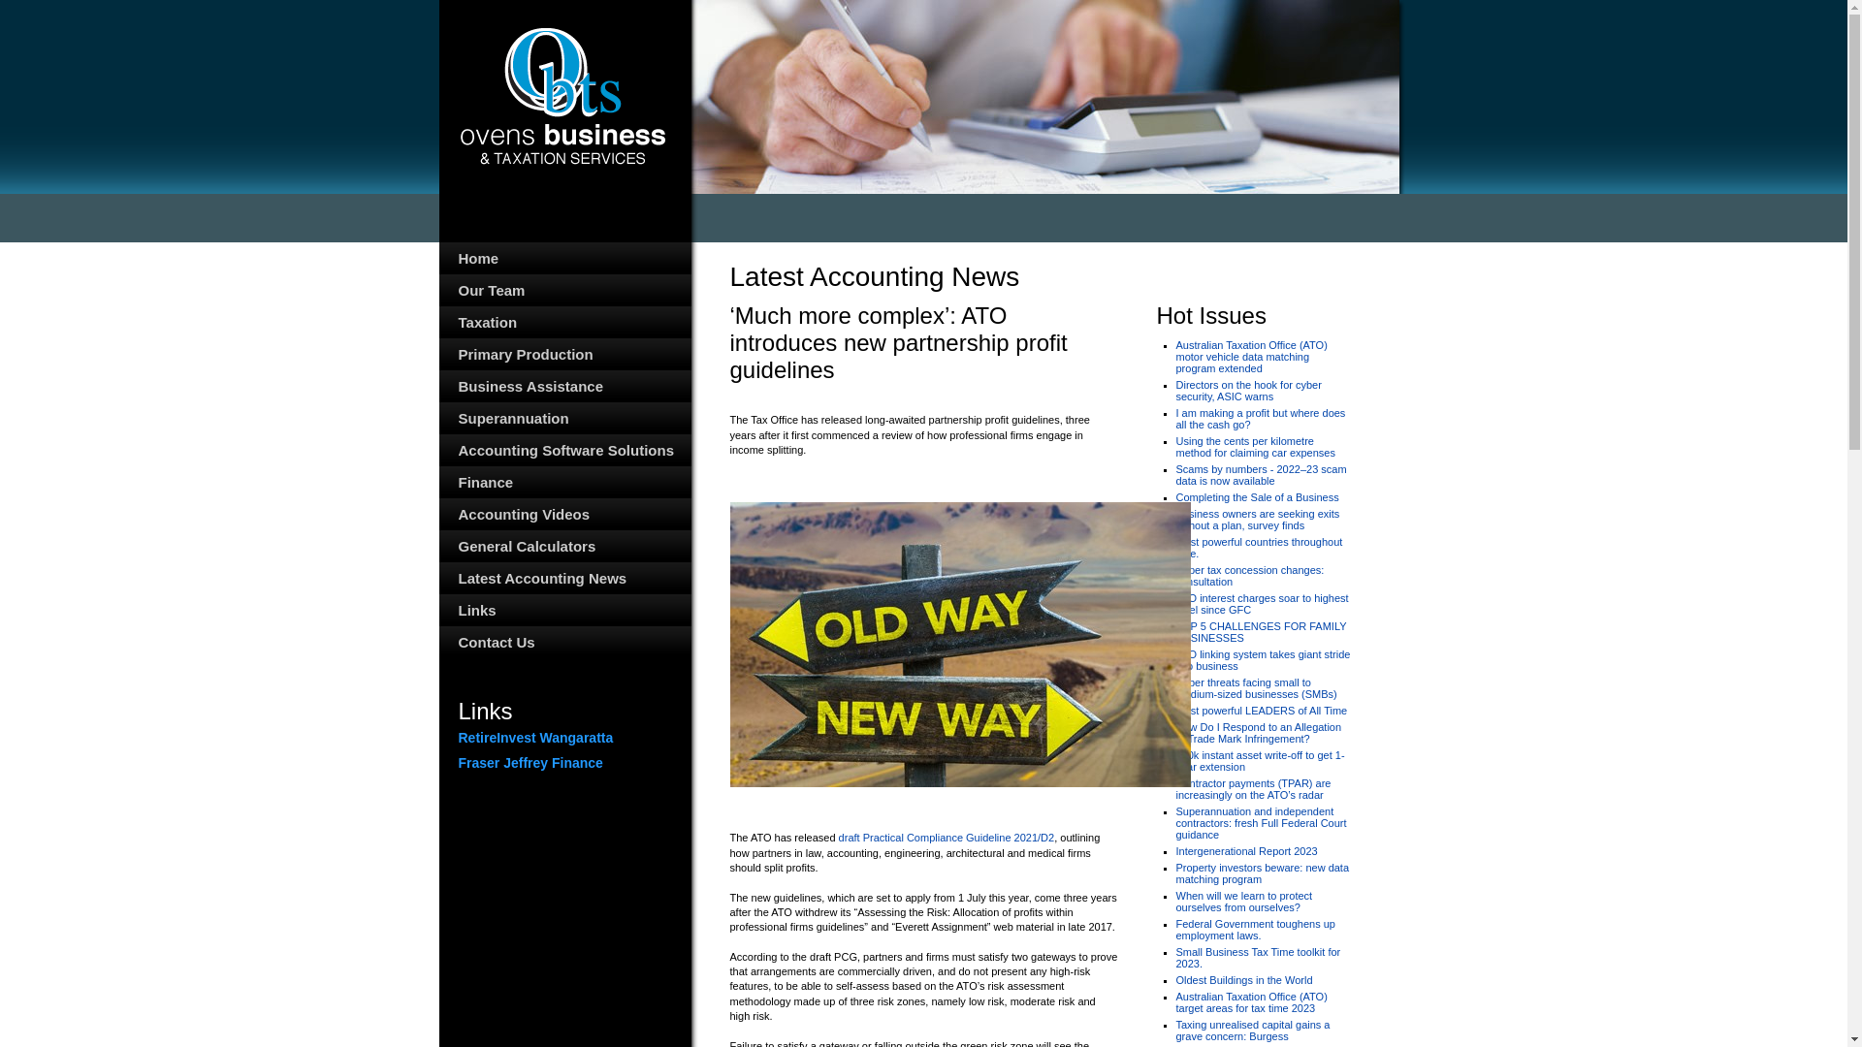 The width and height of the screenshot is (1862, 1047). What do you see at coordinates (1243, 979) in the screenshot?
I see `'Oldest Buildings in the World'` at bounding box center [1243, 979].